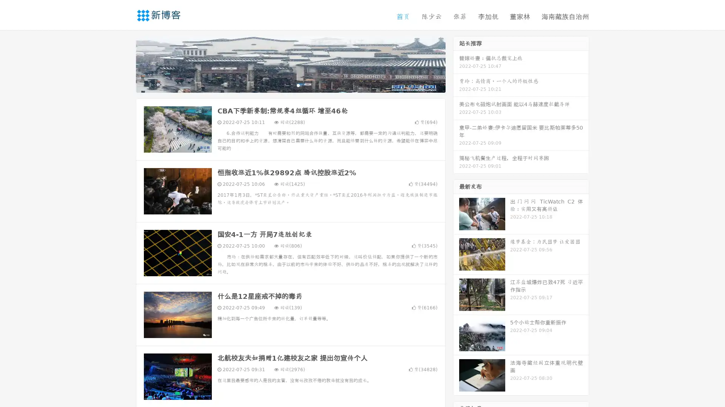 Image resolution: width=725 pixels, height=407 pixels. I want to click on Go to slide 3, so click(298, 85).